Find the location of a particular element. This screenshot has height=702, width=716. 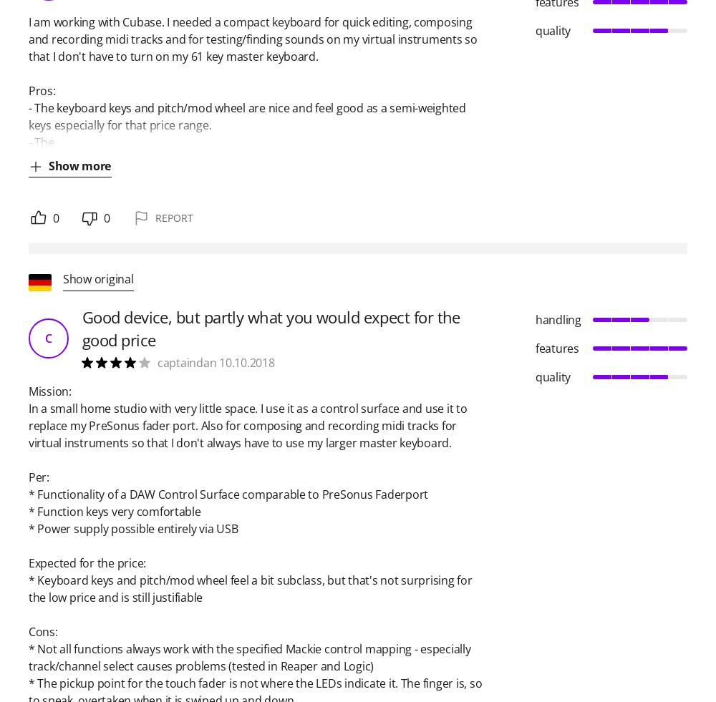

'c' is located at coordinates (47, 338).